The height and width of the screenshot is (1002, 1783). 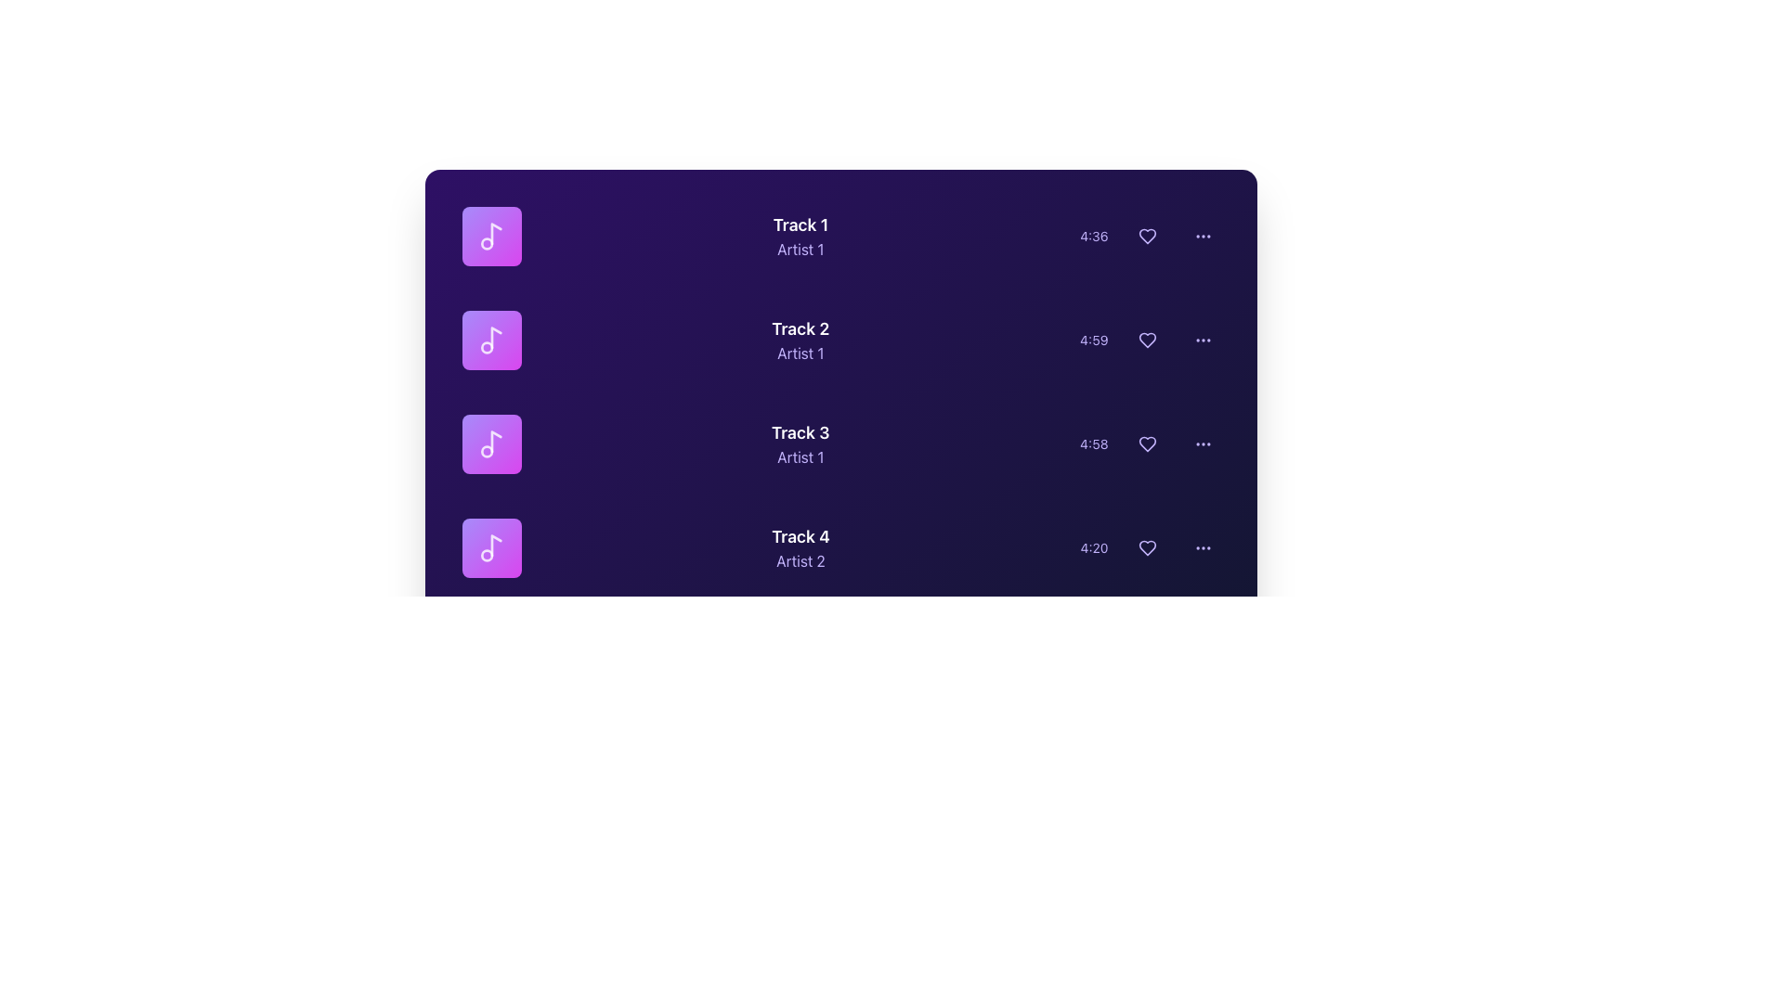 What do you see at coordinates (1149, 235) in the screenshot?
I see `the heart-shaped icon, which is outlined and located between the time duration text and the ellipsis icon in the track representation` at bounding box center [1149, 235].